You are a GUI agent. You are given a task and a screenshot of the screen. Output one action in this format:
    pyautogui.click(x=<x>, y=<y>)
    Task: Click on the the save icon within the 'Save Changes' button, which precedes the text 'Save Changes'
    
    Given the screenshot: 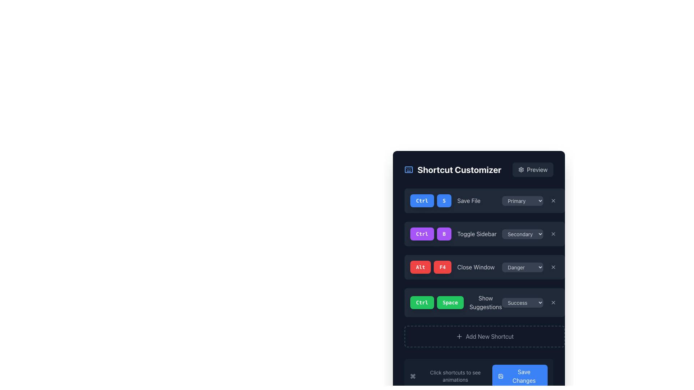 What is the action you would take?
    pyautogui.click(x=500, y=376)
    